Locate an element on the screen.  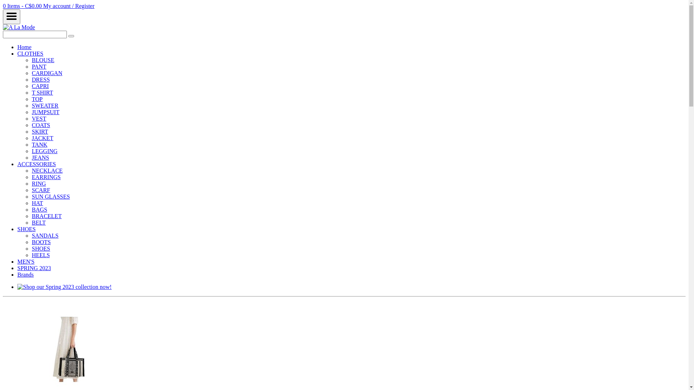
'A La Mode' is located at coordinates (3, 27).